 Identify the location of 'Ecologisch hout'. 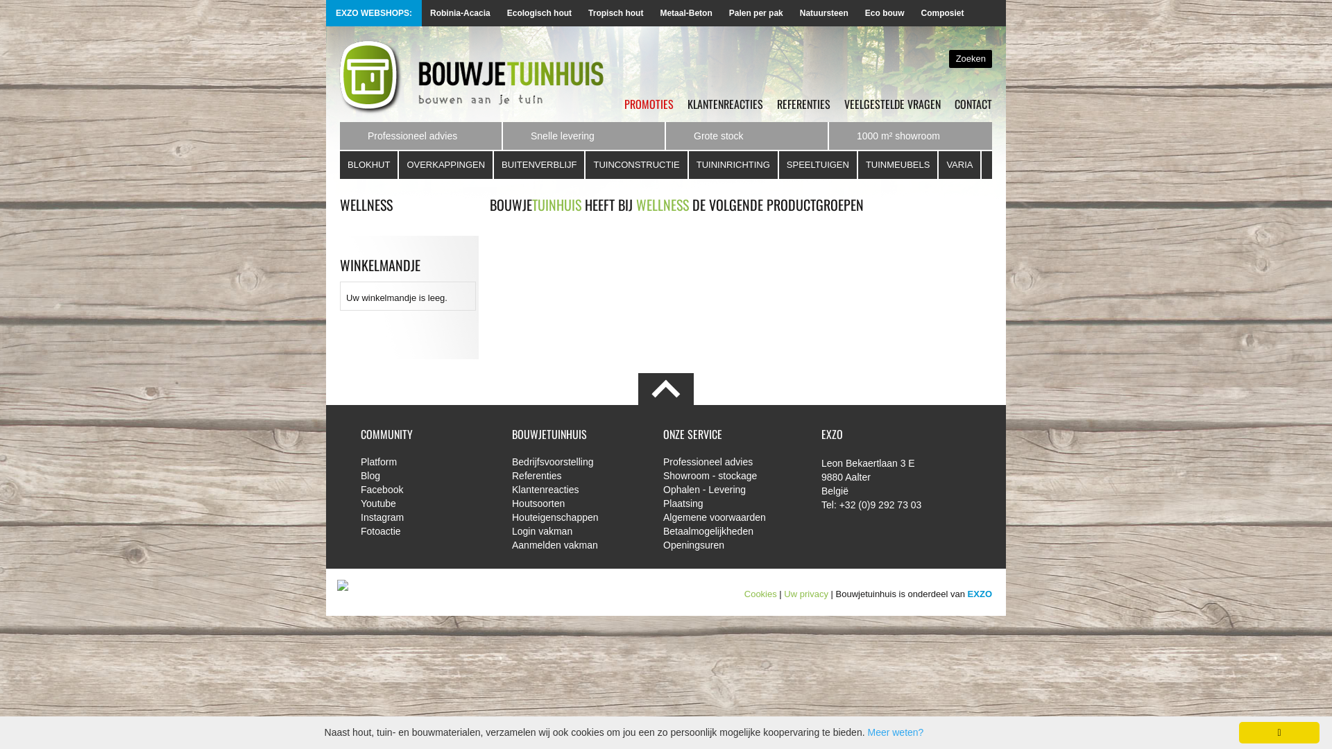
(538, 13).